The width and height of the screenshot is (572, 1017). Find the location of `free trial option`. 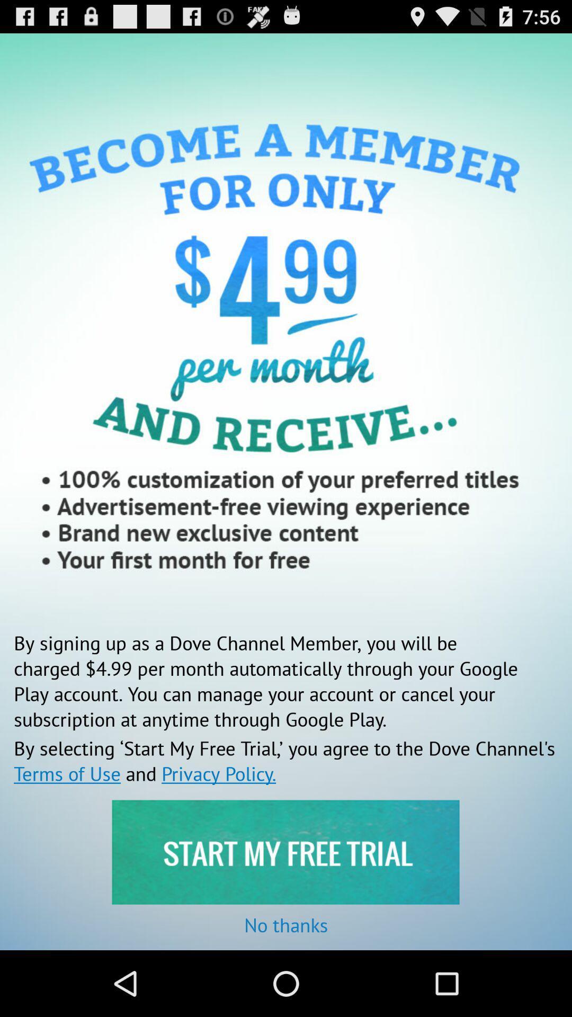

free trial option is located at coordinates (285, 852).